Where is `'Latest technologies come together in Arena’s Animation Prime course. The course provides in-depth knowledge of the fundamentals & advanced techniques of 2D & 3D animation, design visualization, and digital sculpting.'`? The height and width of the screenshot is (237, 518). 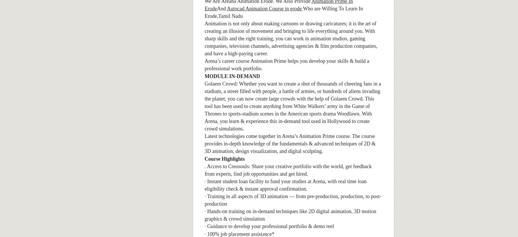
'Latest technologies come together in Arena’s Animation Prime course. The course provides in-depth knowledge of the fundamentals & advanced techniques of 2D & 3D animation, design visualization, and digital sculpting.' is located at coordinates (204, 143).